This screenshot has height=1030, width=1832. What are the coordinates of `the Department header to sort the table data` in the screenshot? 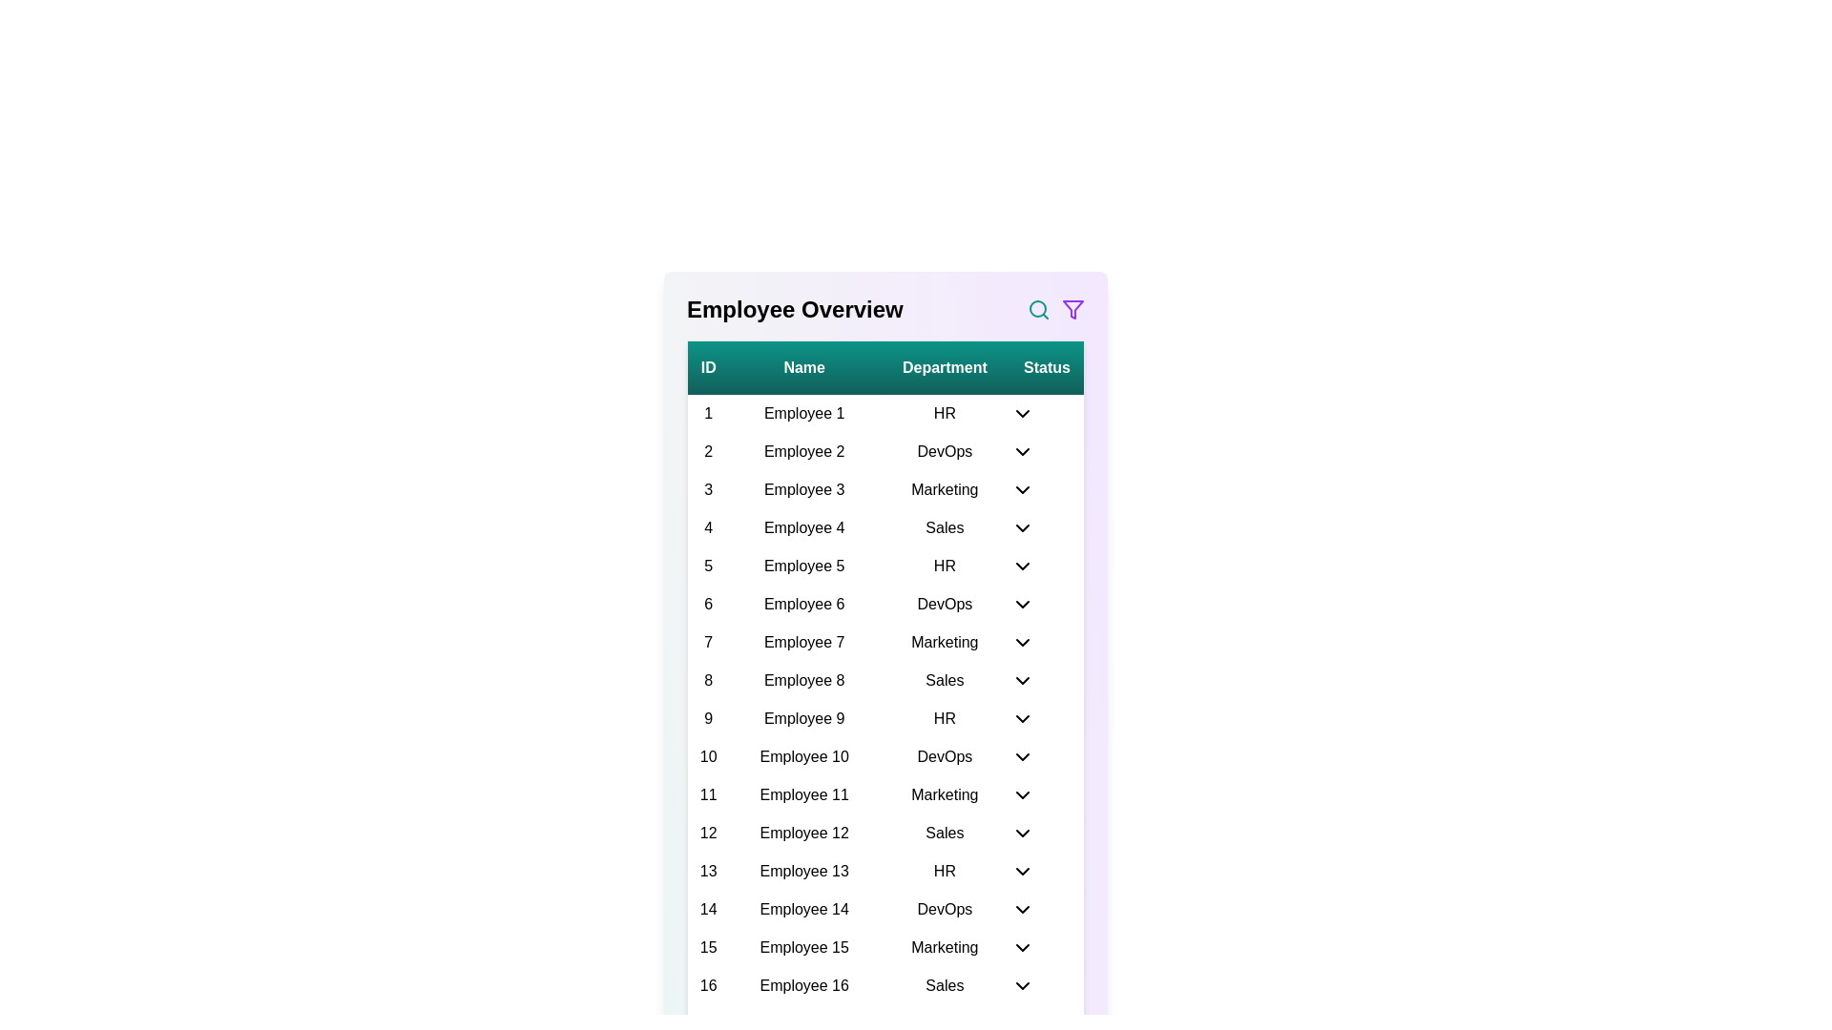 It's located at (945, 367).